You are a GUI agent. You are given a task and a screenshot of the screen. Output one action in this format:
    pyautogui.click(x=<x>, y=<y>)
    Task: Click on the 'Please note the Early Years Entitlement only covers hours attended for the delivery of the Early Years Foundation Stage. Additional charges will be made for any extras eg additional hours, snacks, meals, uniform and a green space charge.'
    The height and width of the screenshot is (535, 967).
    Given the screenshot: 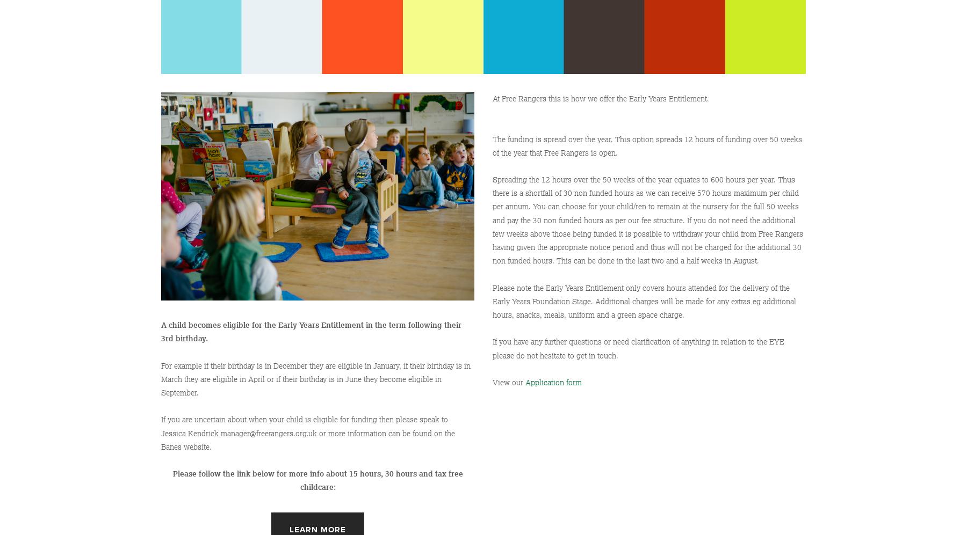 What is the action you would take?
    pyautogui.click(x=645, y=301)
    